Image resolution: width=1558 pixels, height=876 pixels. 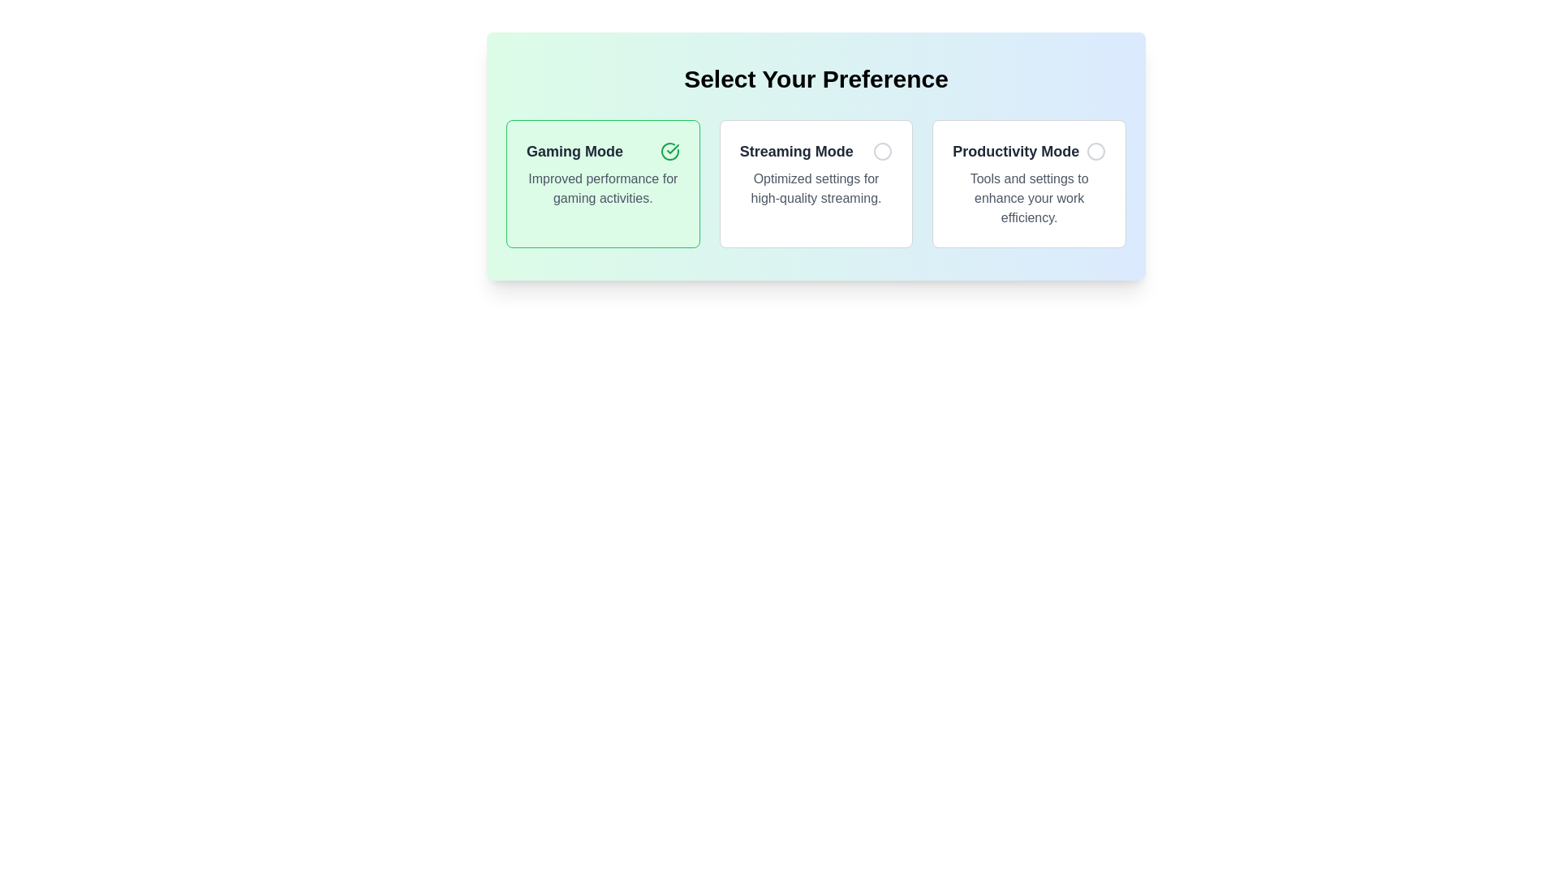 I want to click on the unselected radio button indicator (circle element) for 'Productivity Mode', so click(x=1095, y=151).